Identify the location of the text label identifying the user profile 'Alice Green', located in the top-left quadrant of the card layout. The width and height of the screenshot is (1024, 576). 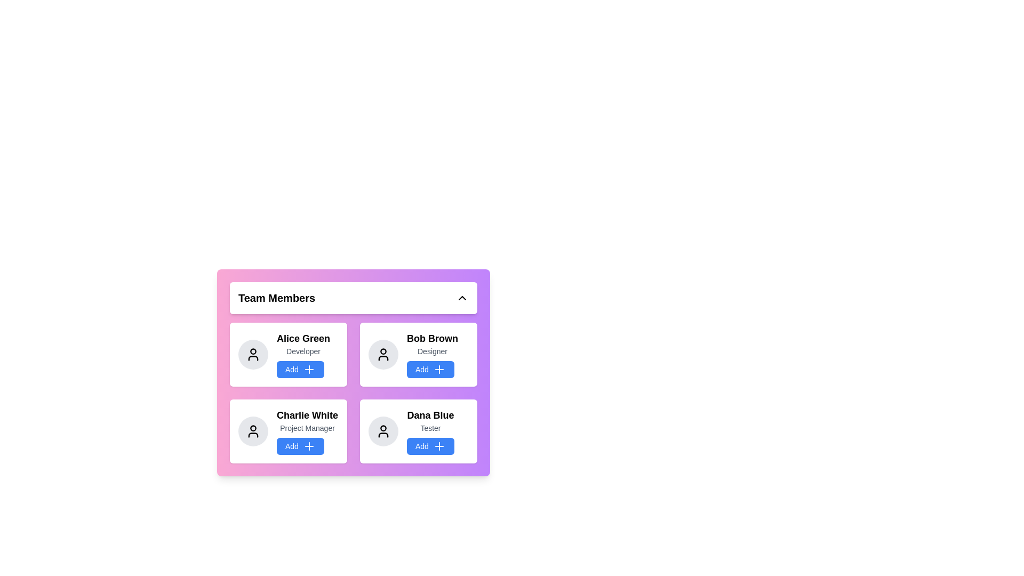
(303, 339).